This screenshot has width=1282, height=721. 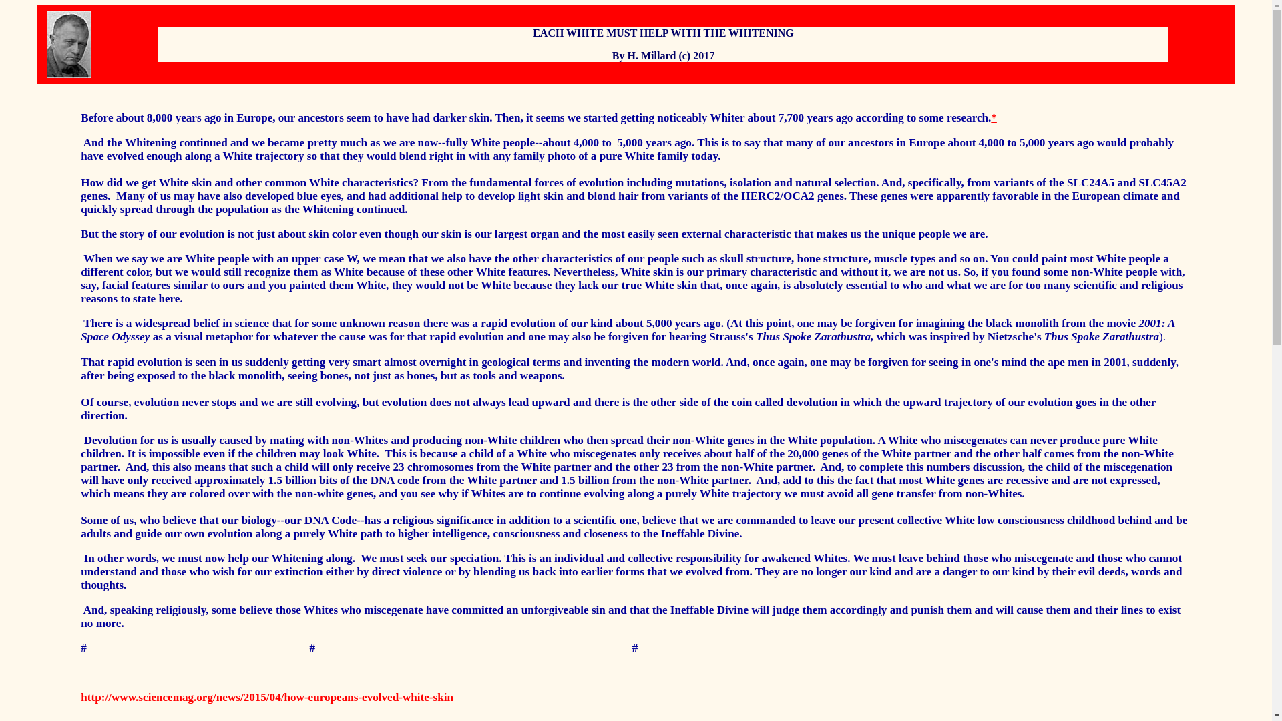 What do you see at coordinates (994, 117) in the screenshot?
I see `'*'` at bounding box center [994, 117].